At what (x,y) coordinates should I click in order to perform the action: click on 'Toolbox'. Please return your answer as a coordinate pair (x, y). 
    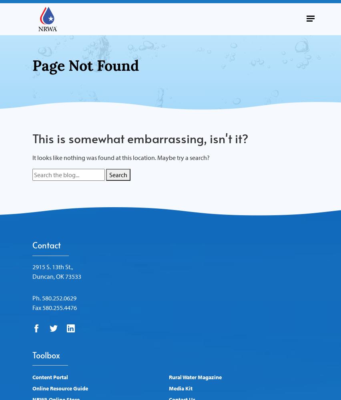
    Looking at the image, I should click on (46, 355).